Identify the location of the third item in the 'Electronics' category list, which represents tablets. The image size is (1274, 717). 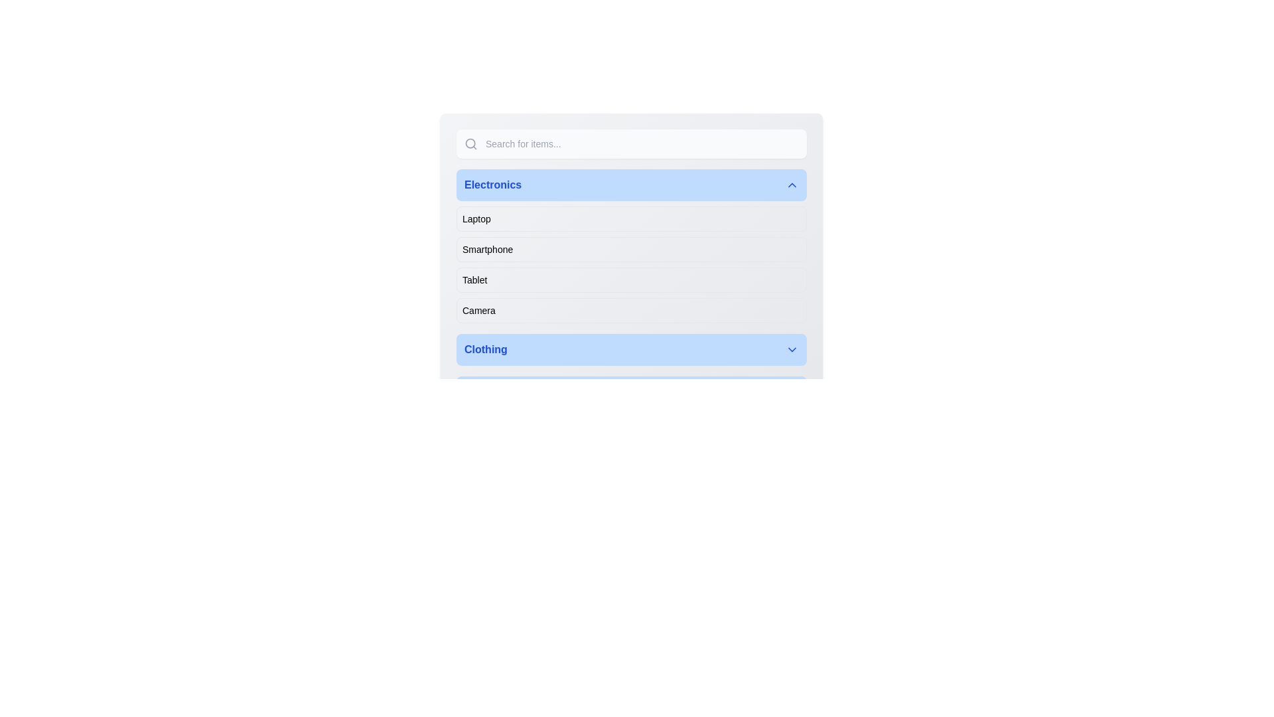
(630, 279).